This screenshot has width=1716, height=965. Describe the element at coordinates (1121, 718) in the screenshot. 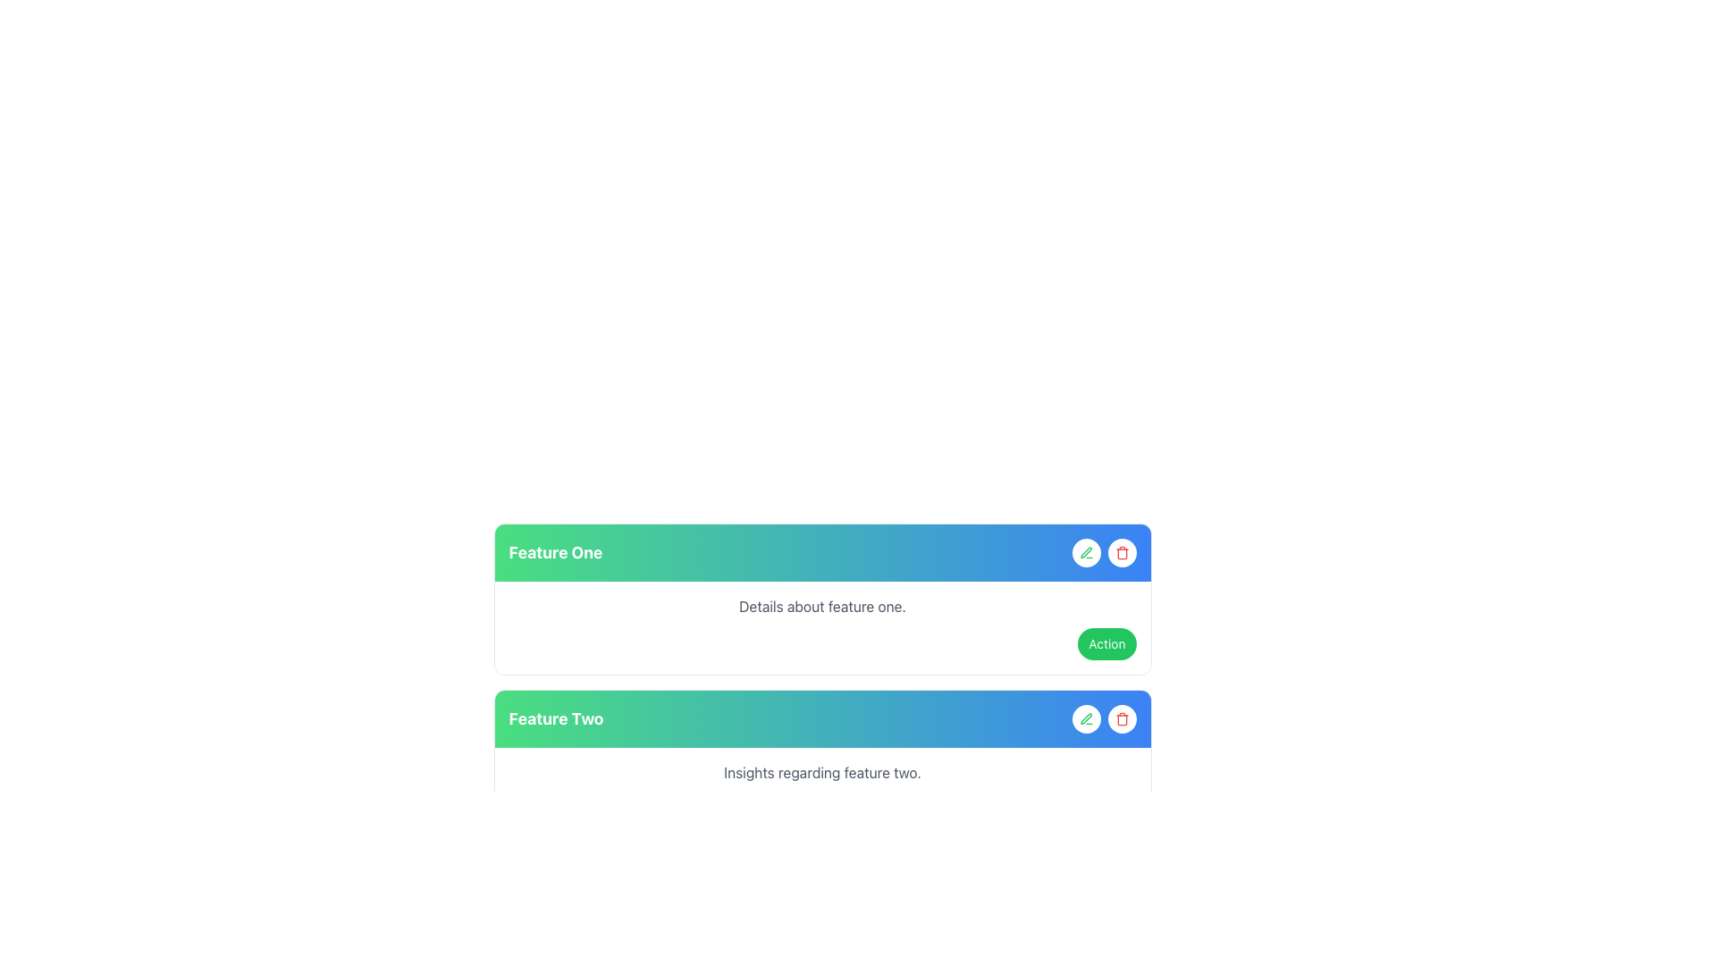

I see `the red trash bin icon located on the far right side of the blue header bar` at that location.